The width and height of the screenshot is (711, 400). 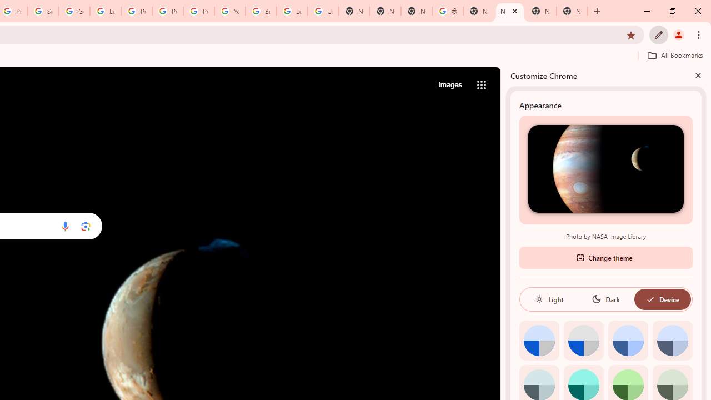 What do you see at coordinates (650, 298) in the screenshot?
I see `'AutomationID: baseSvg'` at bounding box center [650, 298].